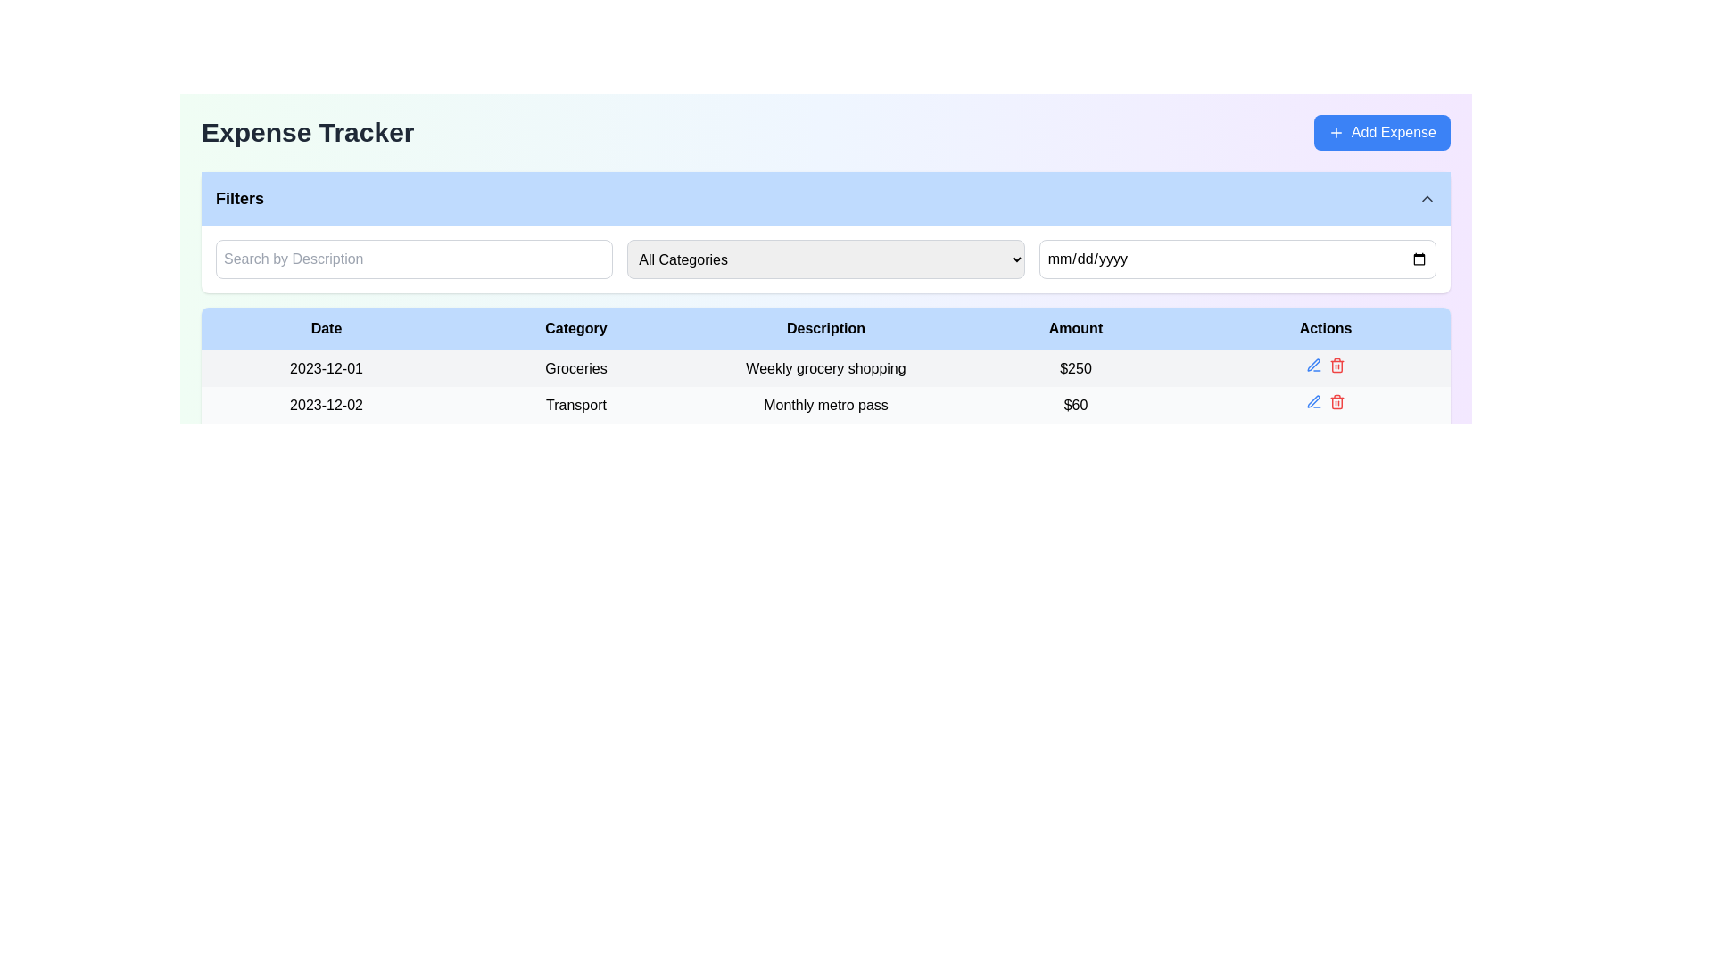  Describe the element at coordinates (1074, 329) in the screenshot. I see `the 'Amount' column header title in the table, which is centrally aligned in the fourth column of the header row` at that location.